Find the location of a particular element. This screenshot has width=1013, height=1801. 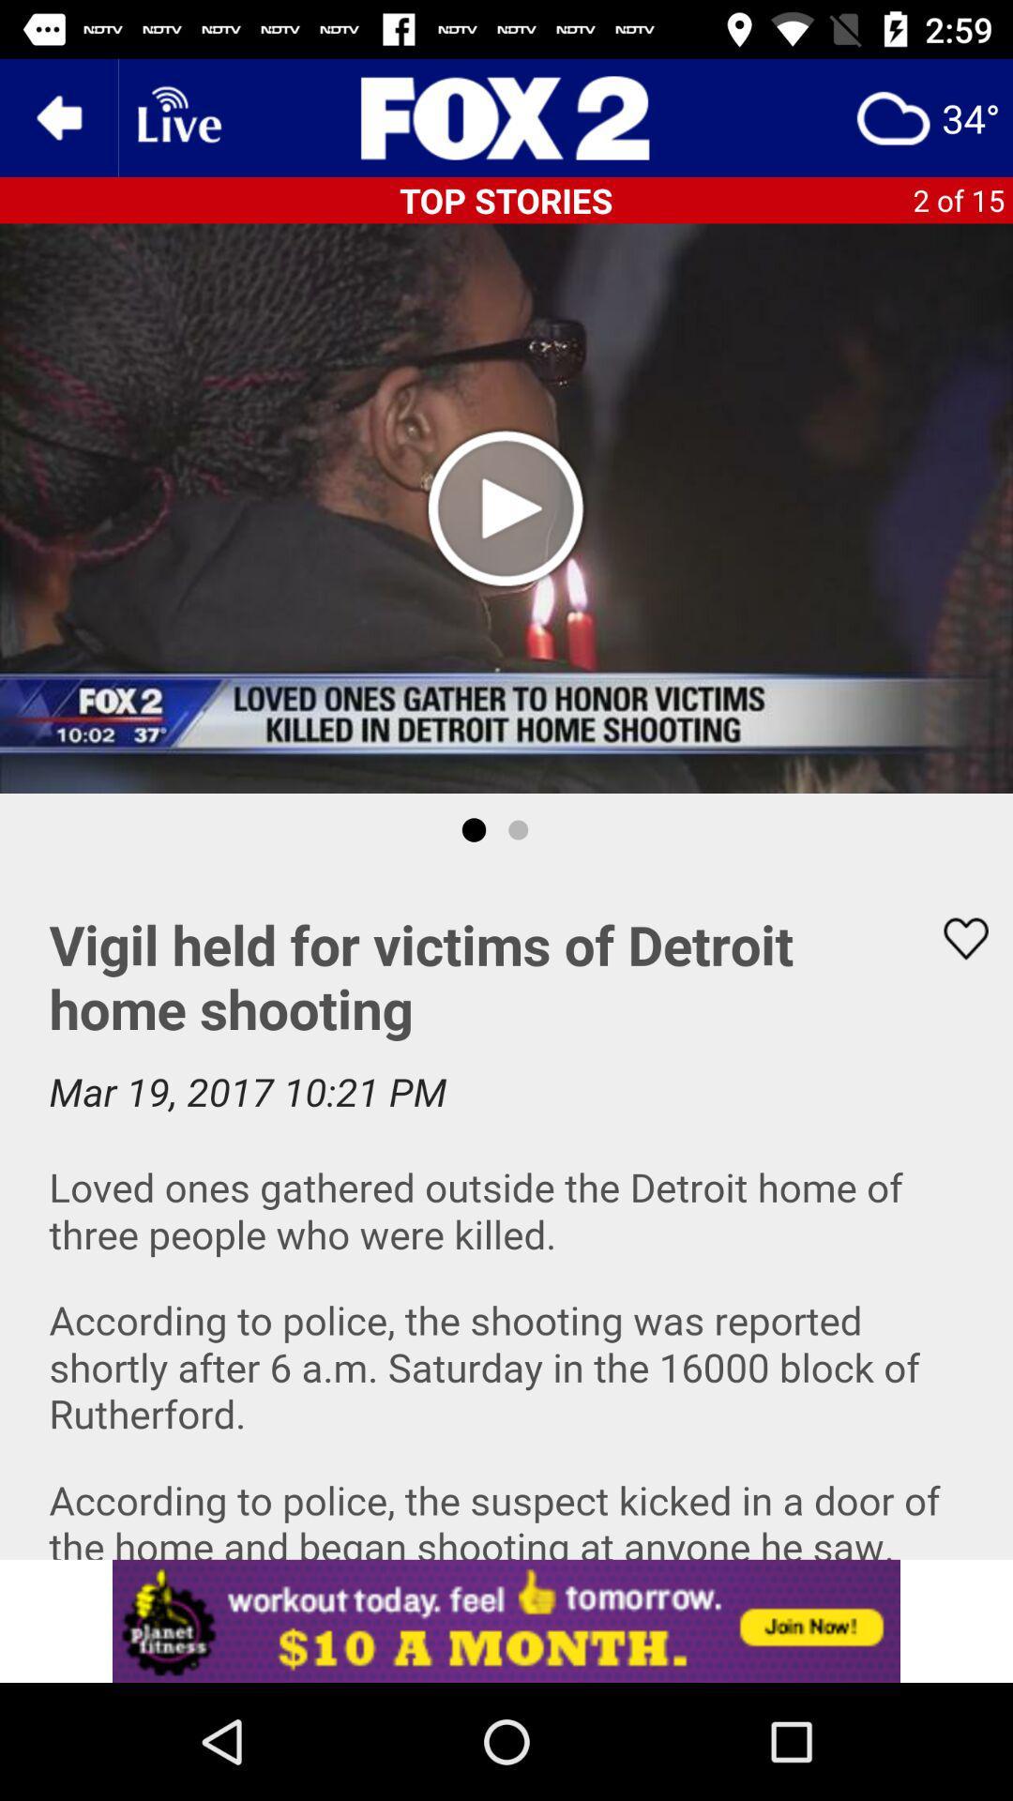

live news is located at coordinates (177, 116).